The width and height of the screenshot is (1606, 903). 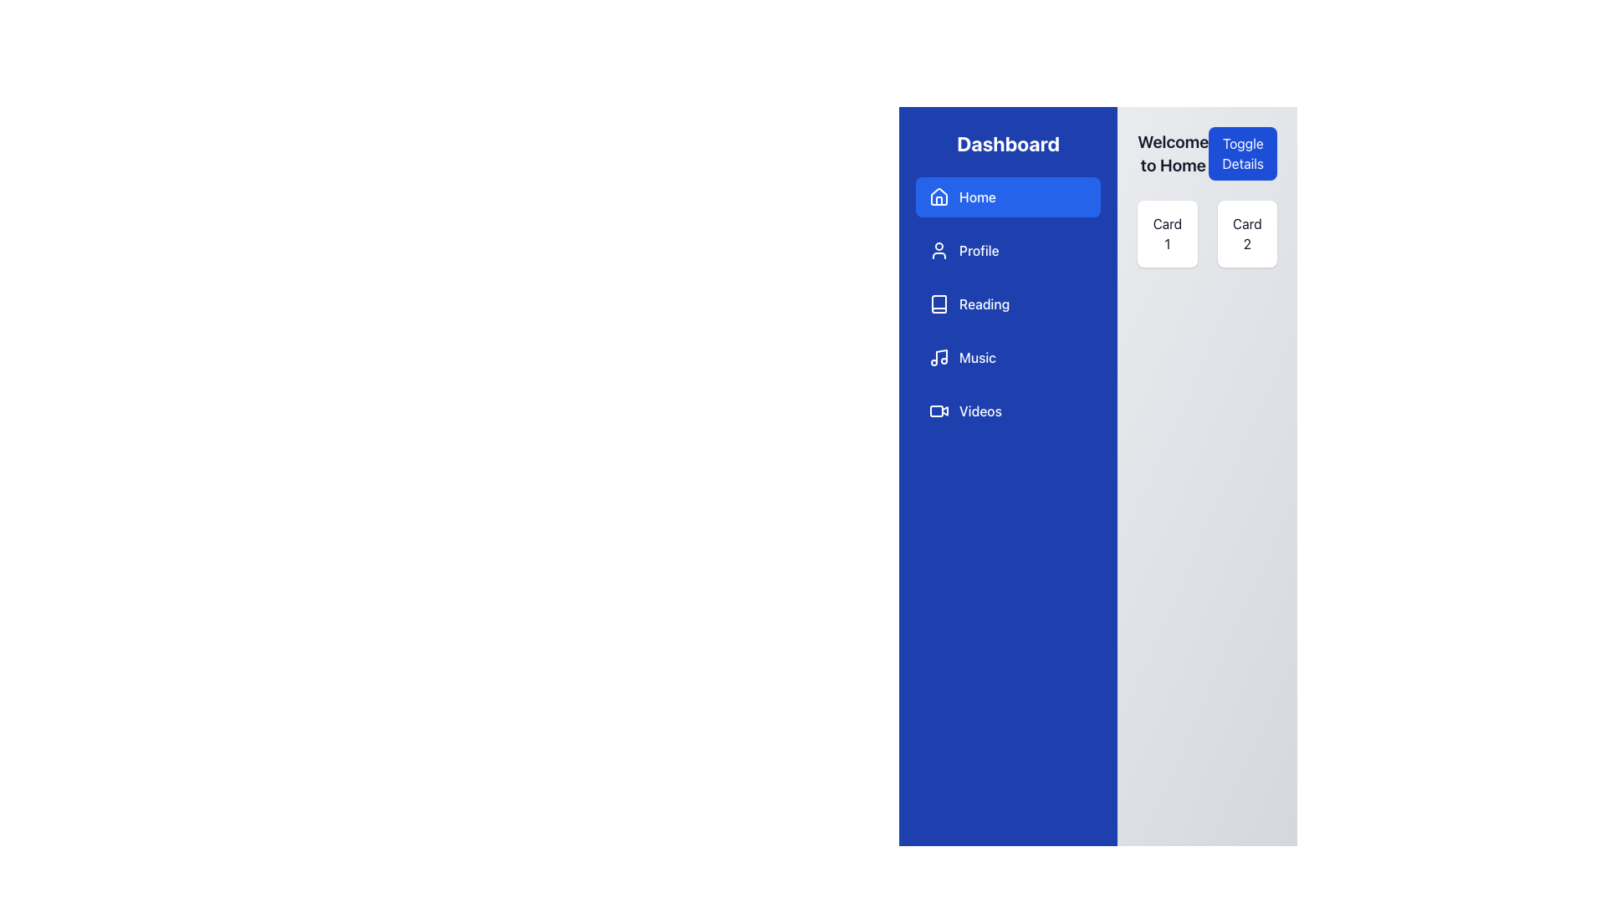 What do you see at coordinates (1247, 234) in the screenshot?
I see `the second card in the sidebar's right section` at bounding box center [1247, 234].